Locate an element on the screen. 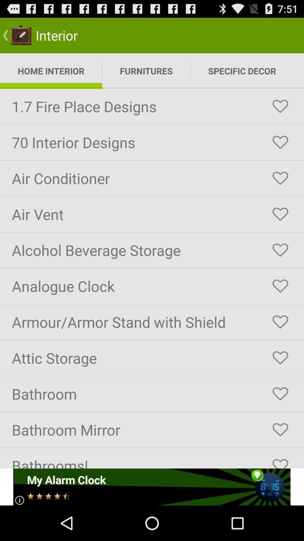 The height and width of the screenshot is (541, 304). this item is located at coordinates (280, 286).